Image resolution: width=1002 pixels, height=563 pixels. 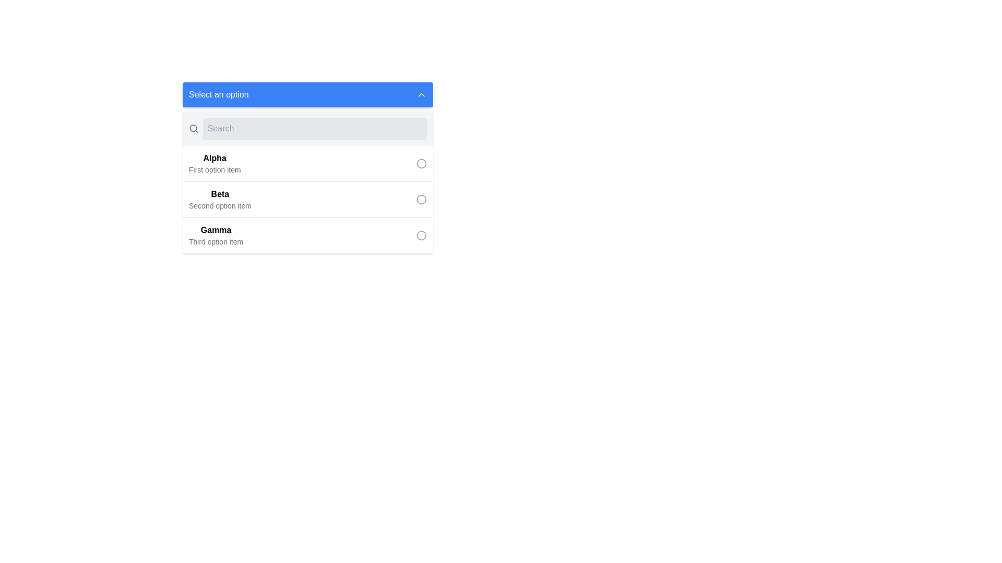 What do you see at coordinates (421, 163) in the screenshot?
I see `the radio button element styled with a light gray border and transparent interior, located in the first option row labeled 'Alpha'` at bounding box center [421, 163].